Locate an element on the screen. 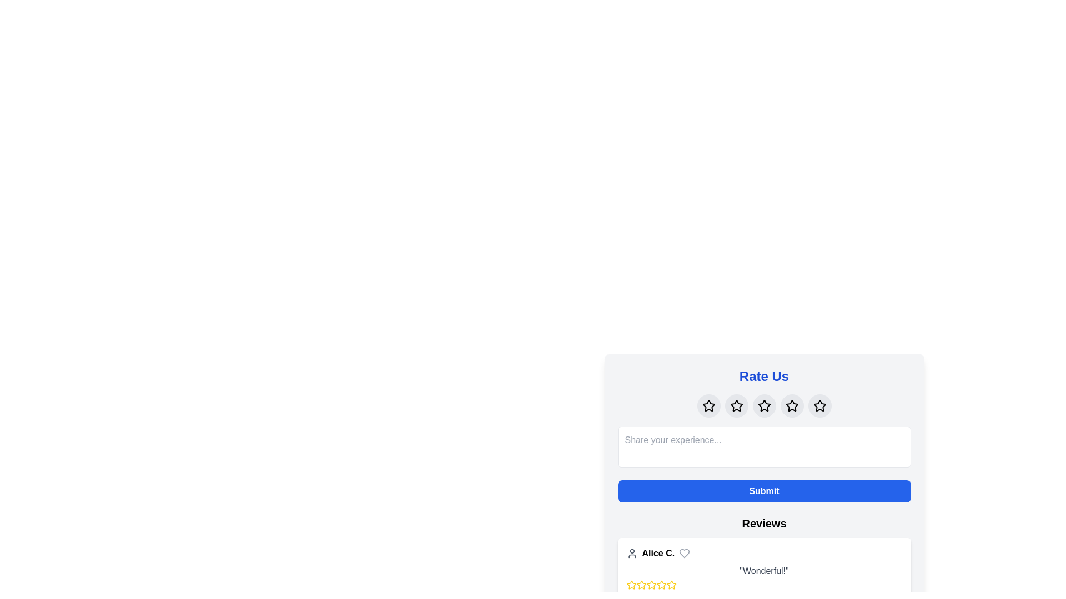  the blue rectangular button with rounded corners labeled 'Submit' is located at coordinates (763, 491).